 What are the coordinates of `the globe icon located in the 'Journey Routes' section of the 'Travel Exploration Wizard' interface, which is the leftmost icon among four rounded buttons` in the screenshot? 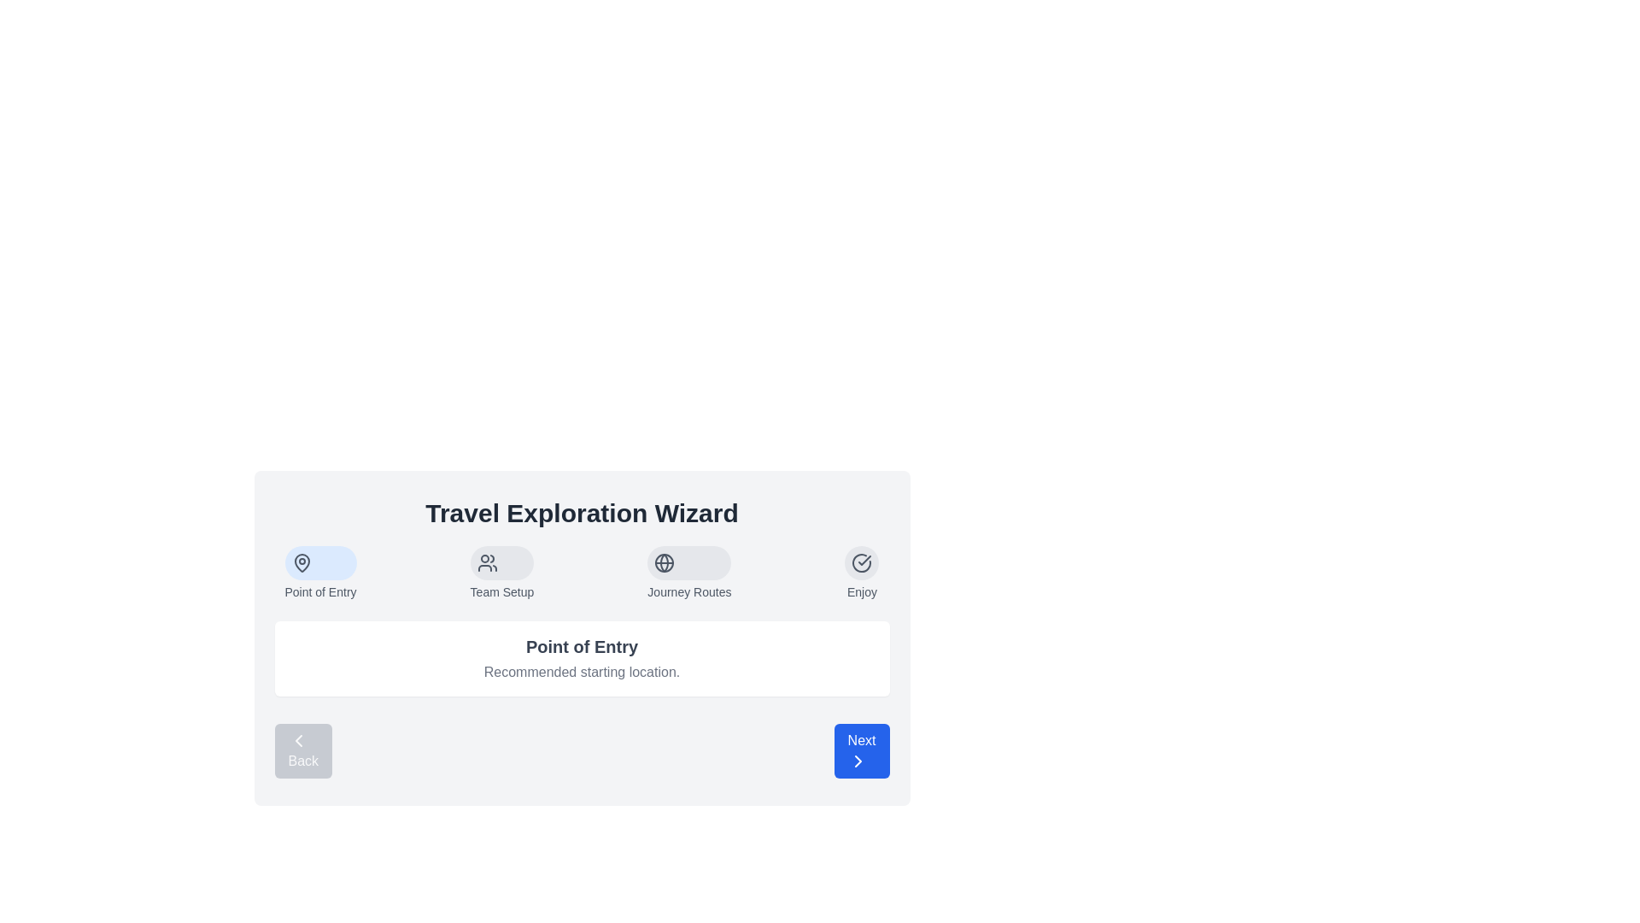 It's located at (664, 563).